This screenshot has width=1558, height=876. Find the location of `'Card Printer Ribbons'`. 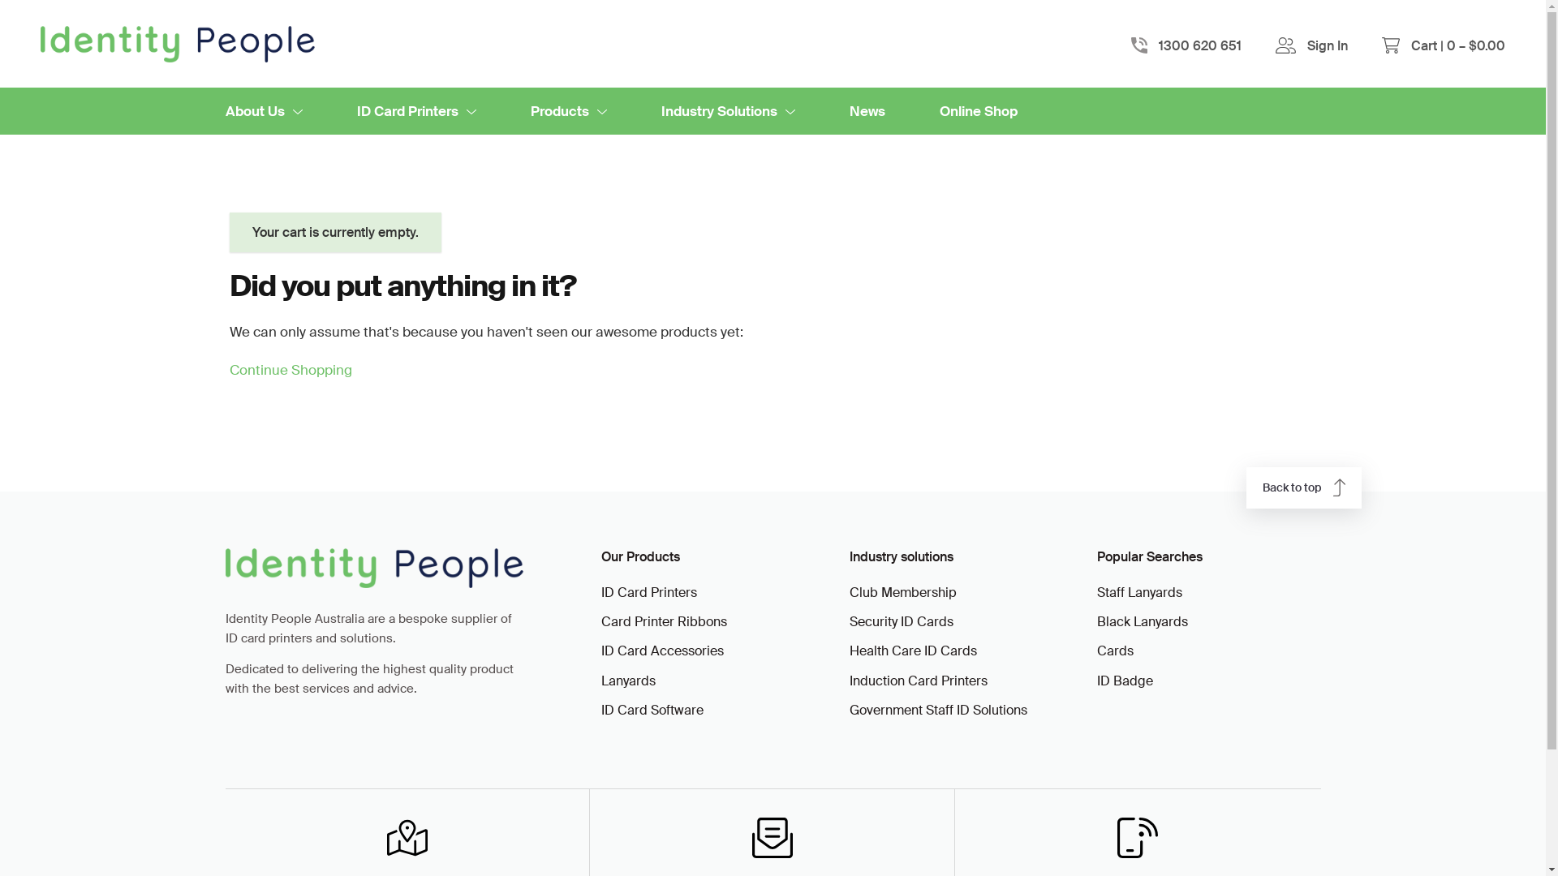

'Card Printer Ribbons' is located at coordinates (708, 621).